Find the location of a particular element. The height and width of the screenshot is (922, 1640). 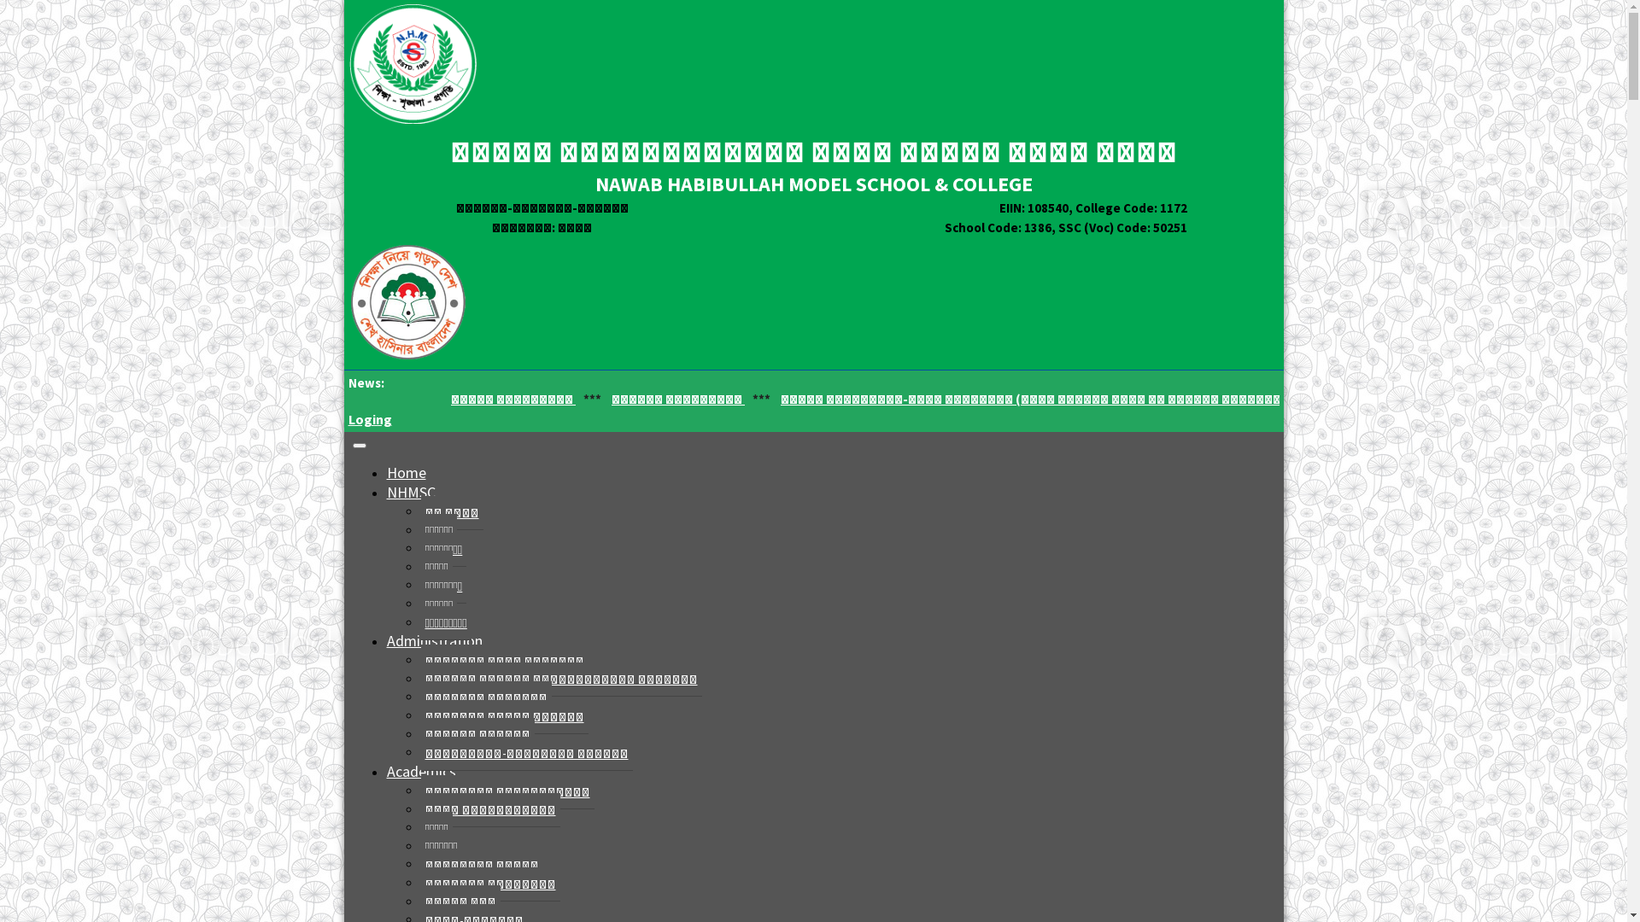

'NHMSC' is located at coordinates (410, 492).